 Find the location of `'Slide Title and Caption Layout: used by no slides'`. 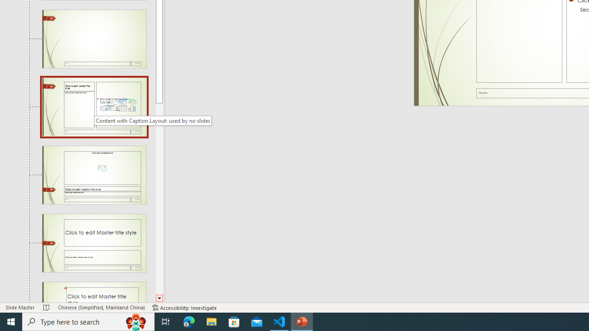

'Slide Title and Caption Layout: used by no slides' is located at coordinates (94, 242).